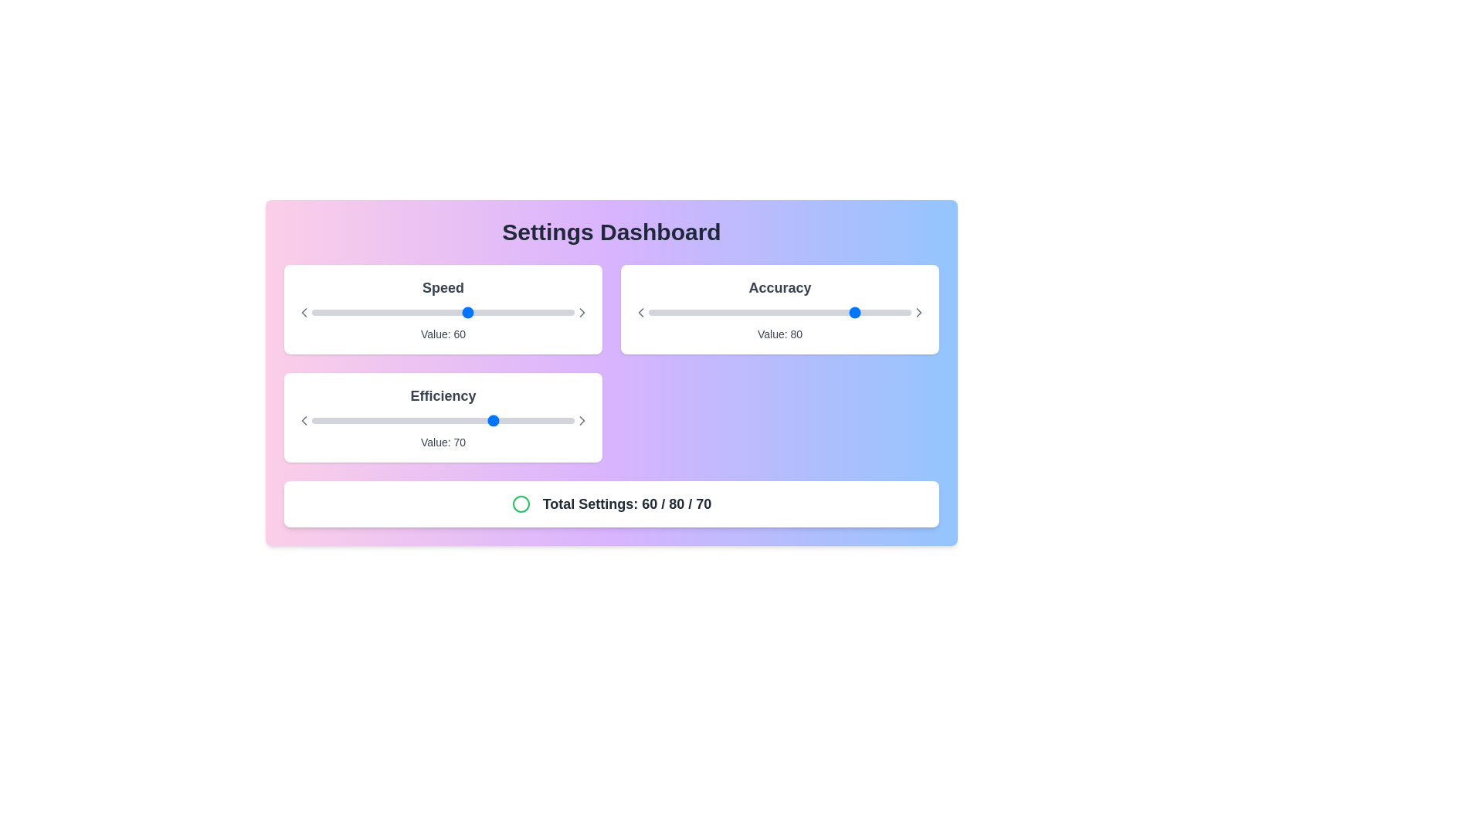 This screenshot has width=1483, height=834. I want to click on accuracy slider, so click(672, 313).